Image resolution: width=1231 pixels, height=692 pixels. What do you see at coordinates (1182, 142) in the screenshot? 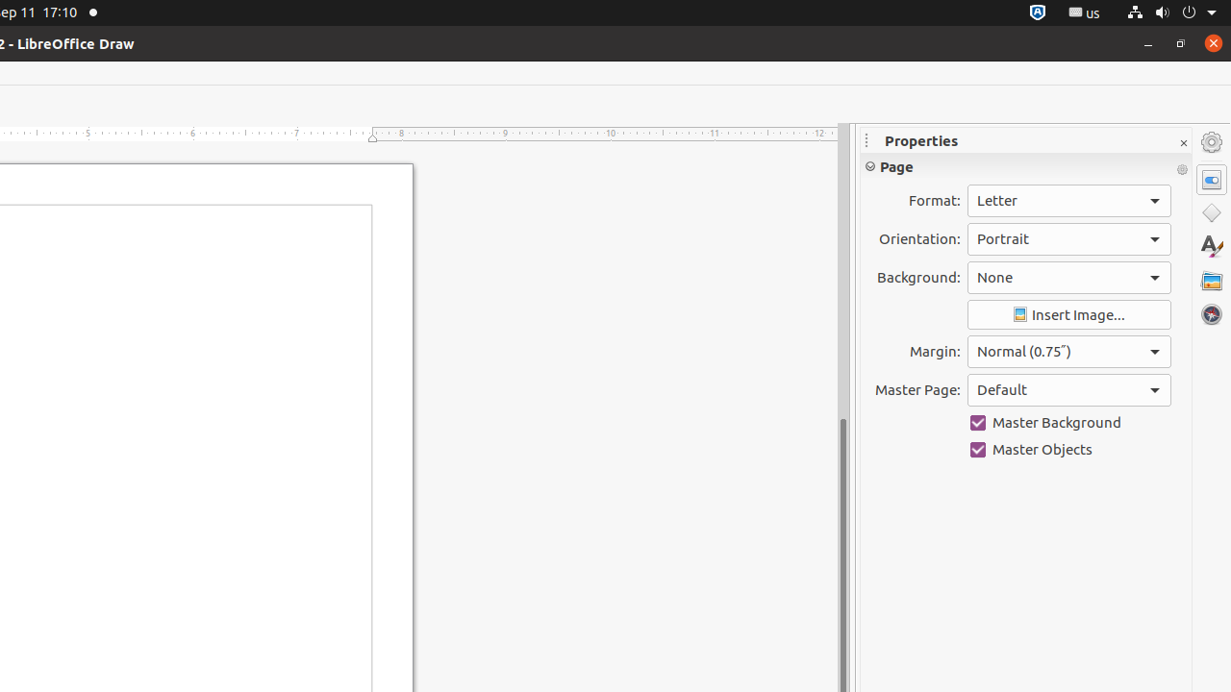
I see `'Close Sidebar Deck'` at bounding box center [1182, 142].